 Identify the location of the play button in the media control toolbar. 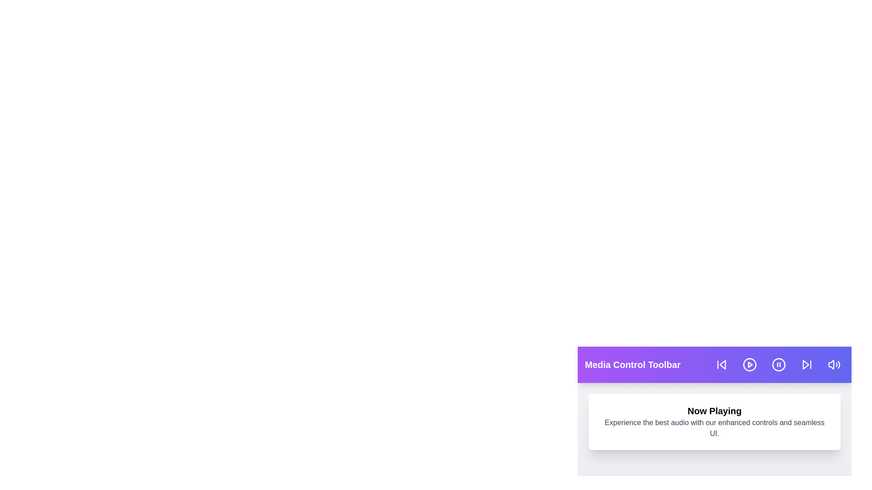
(750, 364).